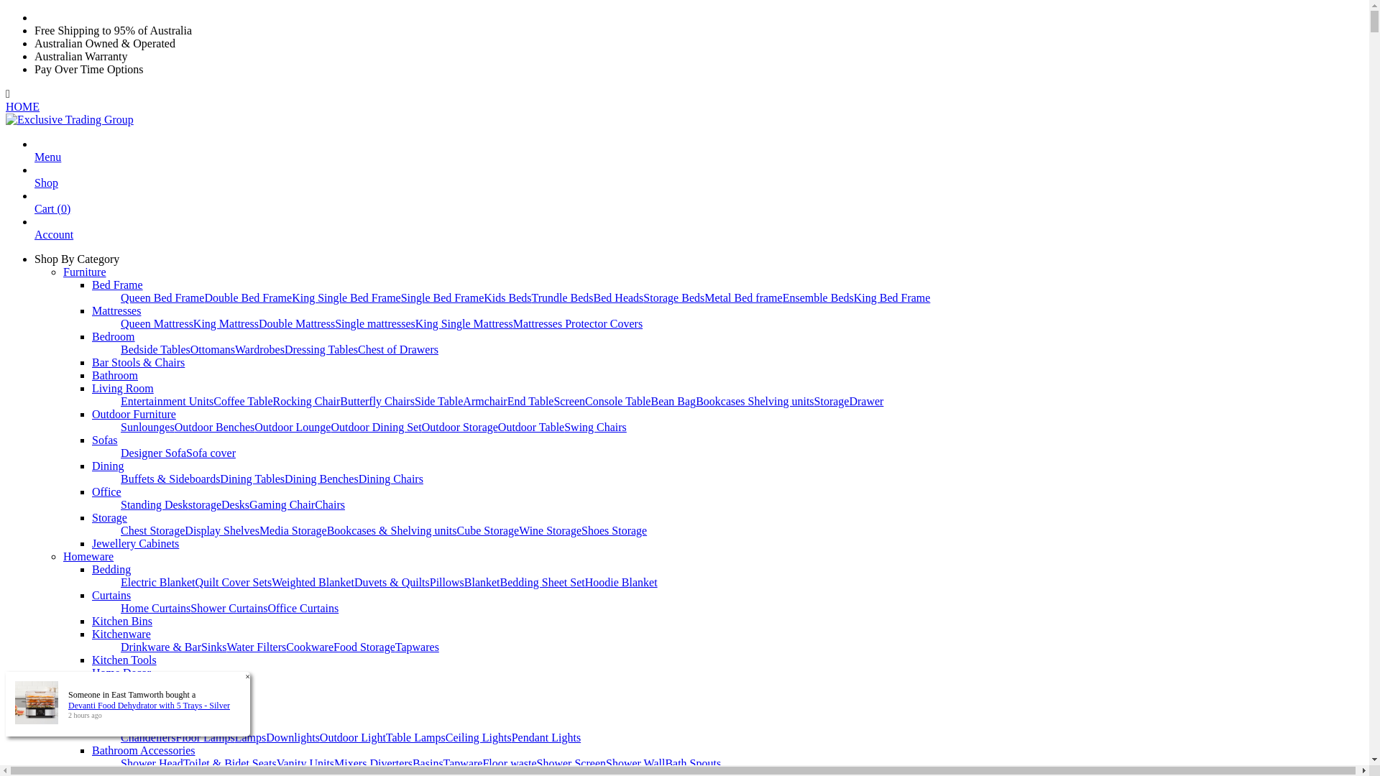 The height and width of the screenshot is (776, 1380). Describe the element at coordinates (121, 633) in the screenshot. I see `'Kitchenware'` at that location.